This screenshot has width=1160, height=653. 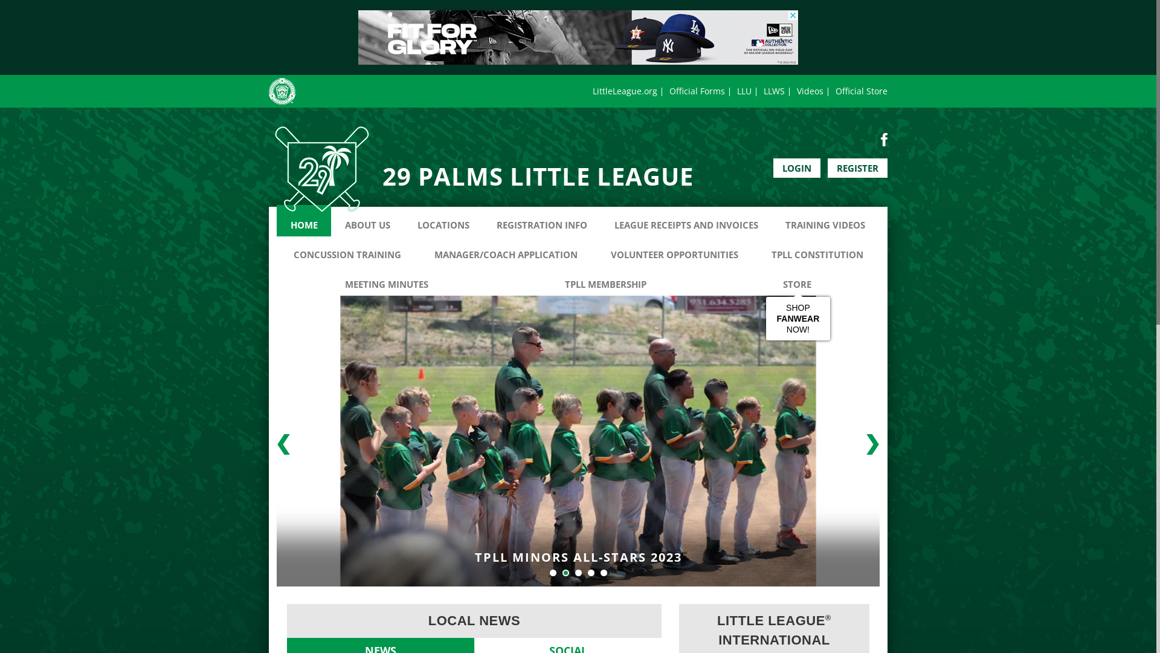 What do you see at coordinates (773, 167) in the screenshot?
I see `'LOGIN'` at bounding box center [773, 167].